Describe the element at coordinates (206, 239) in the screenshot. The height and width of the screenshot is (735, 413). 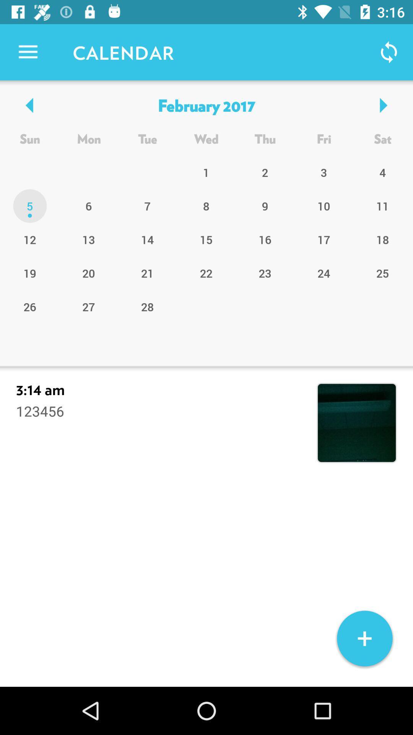
I see `the 15 item` at that location.